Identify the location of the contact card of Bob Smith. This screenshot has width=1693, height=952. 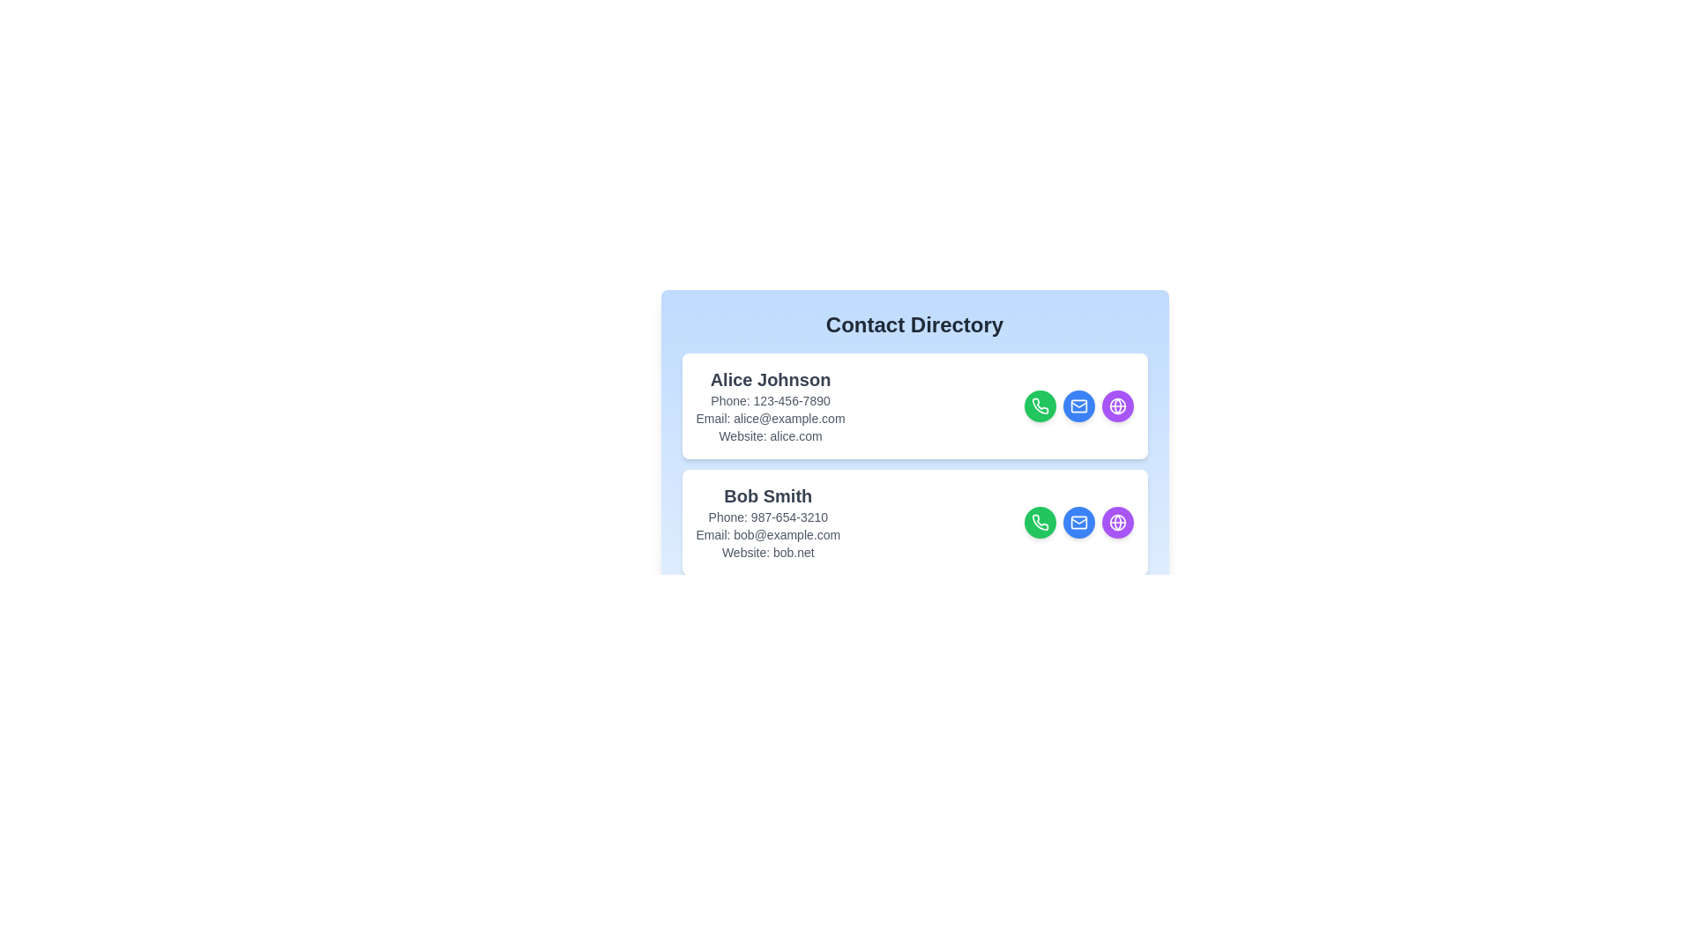
(914, 522).